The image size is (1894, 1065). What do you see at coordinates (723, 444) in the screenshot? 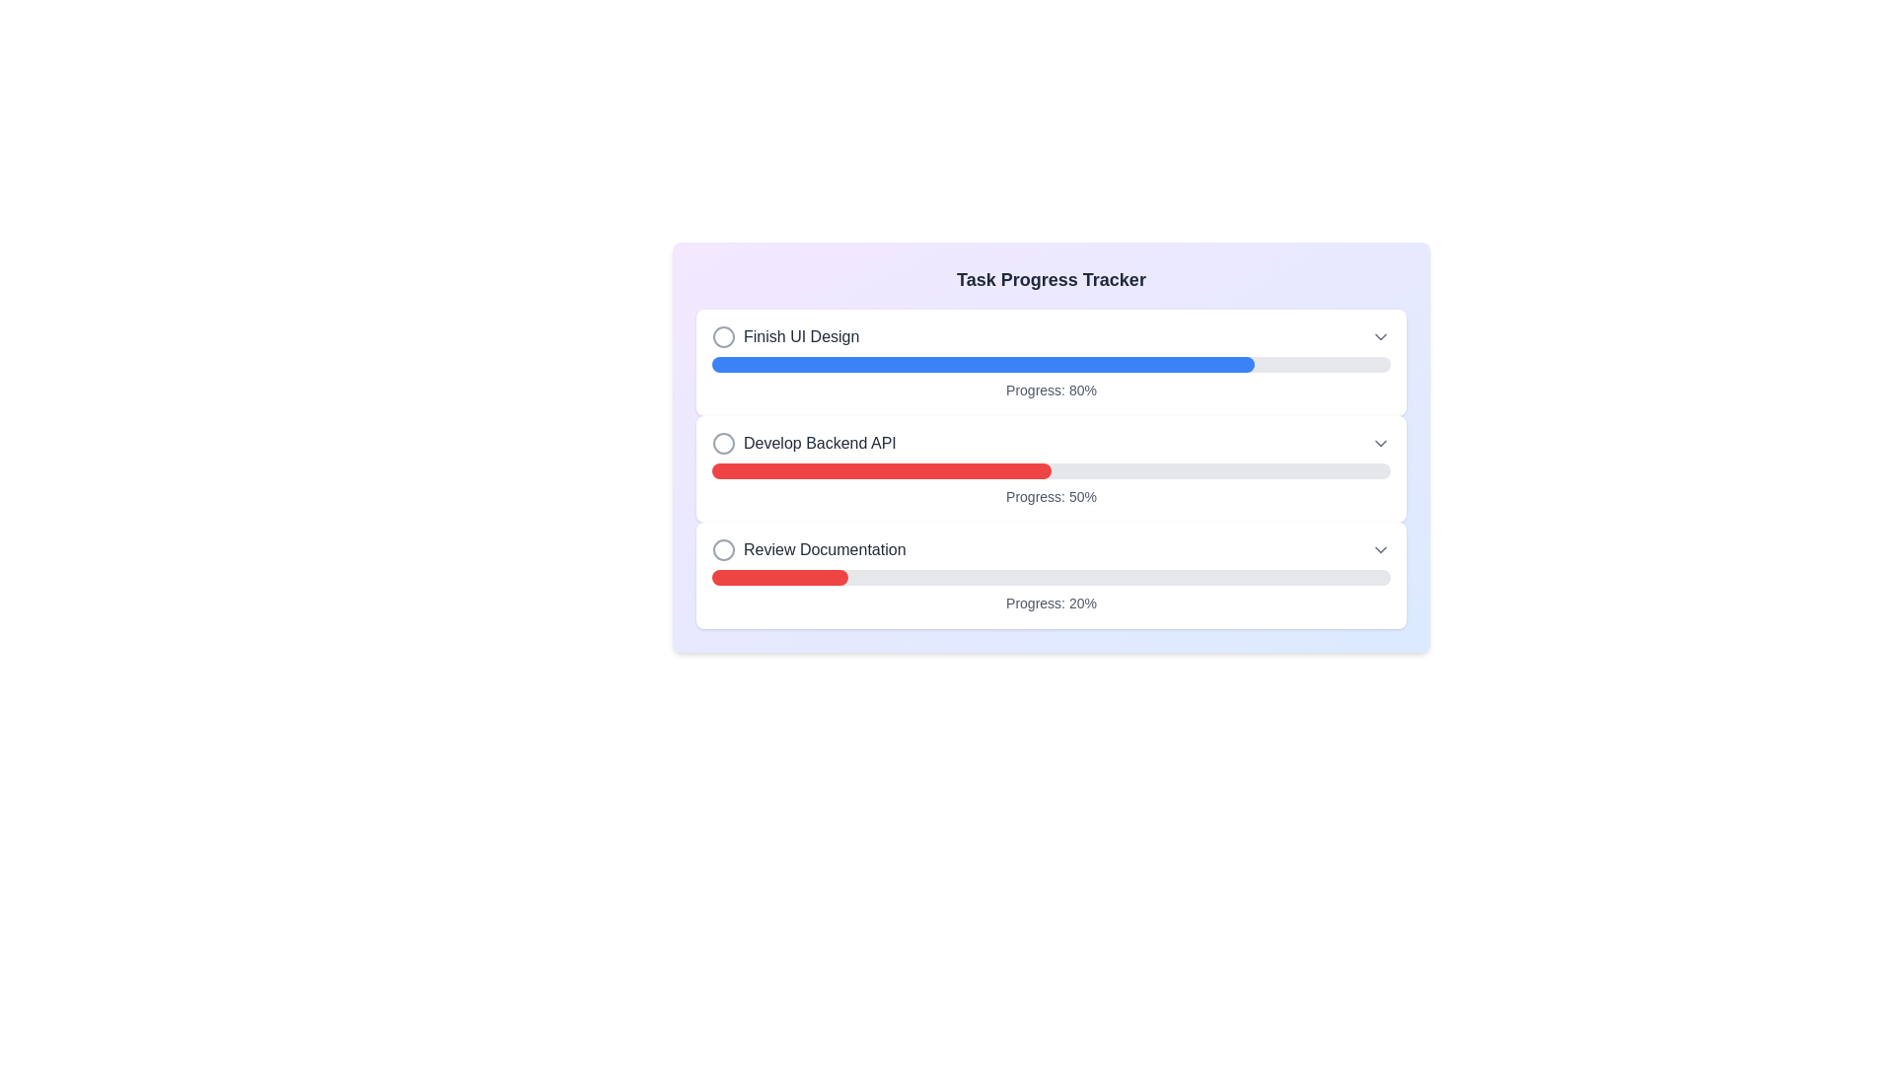
I see `the circular icon with a hollow center and thin outline, located to the left of the 'Develop Backend API' text` at bounding box center [723, 444].